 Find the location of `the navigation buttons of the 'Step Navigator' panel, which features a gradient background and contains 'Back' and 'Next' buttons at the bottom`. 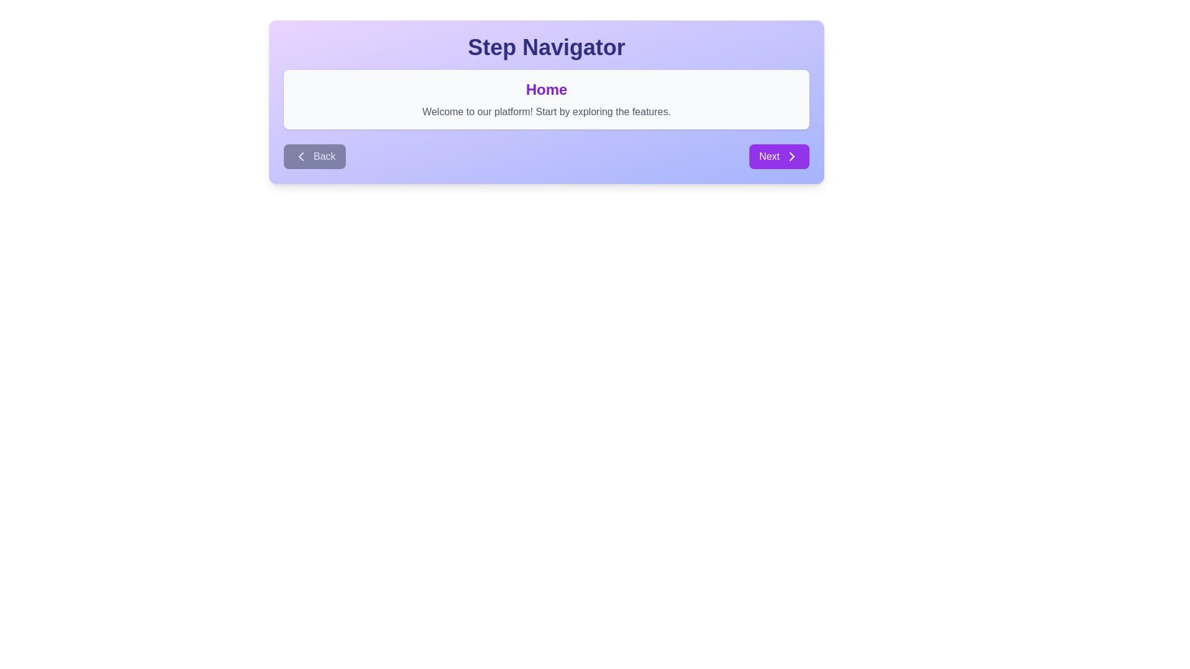

the navigation buttons of the 'Step Navigator' panel, which features a gradient background and contains 'Back' and 'Next' buttons at the bottom is located at coordinates (546, 102).